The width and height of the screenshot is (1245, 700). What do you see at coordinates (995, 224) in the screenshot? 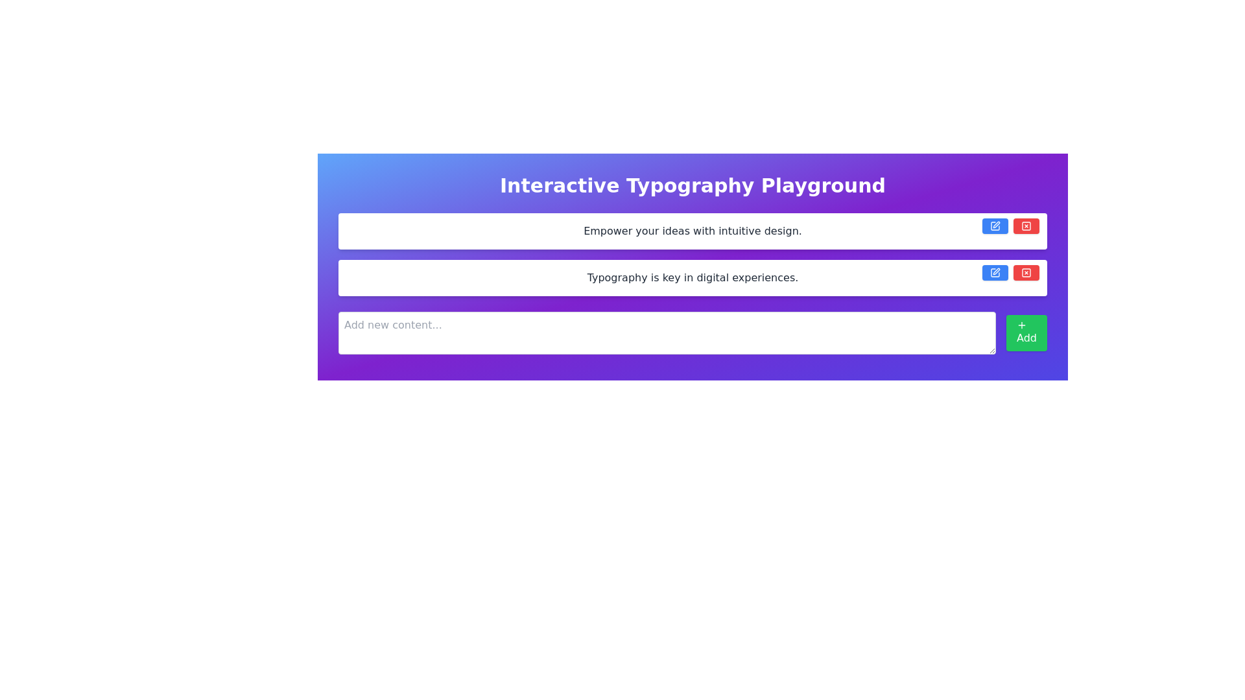
I see `the pen or edit icon, which is part of the edit button located to the right of the first input field labeled 'Empower your ideas with intuitive design.'` at bounding box center [995, 224].